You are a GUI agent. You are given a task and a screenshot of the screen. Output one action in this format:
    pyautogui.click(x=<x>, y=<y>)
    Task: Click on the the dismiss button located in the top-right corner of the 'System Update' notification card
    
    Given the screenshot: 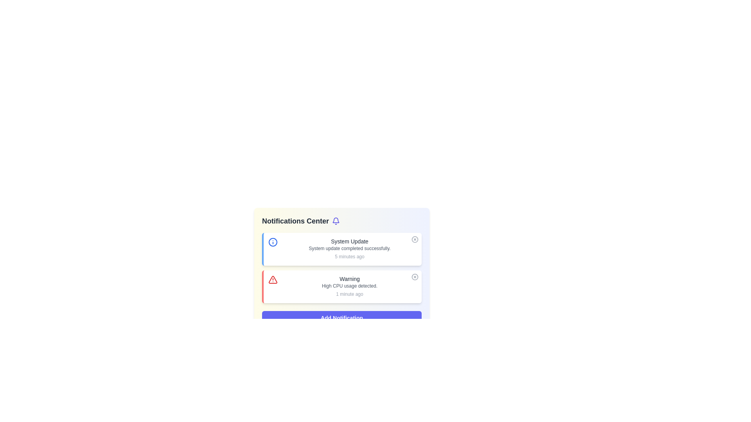 What is the action you would take?
    pyautogui.click(x=414, y=239)
    